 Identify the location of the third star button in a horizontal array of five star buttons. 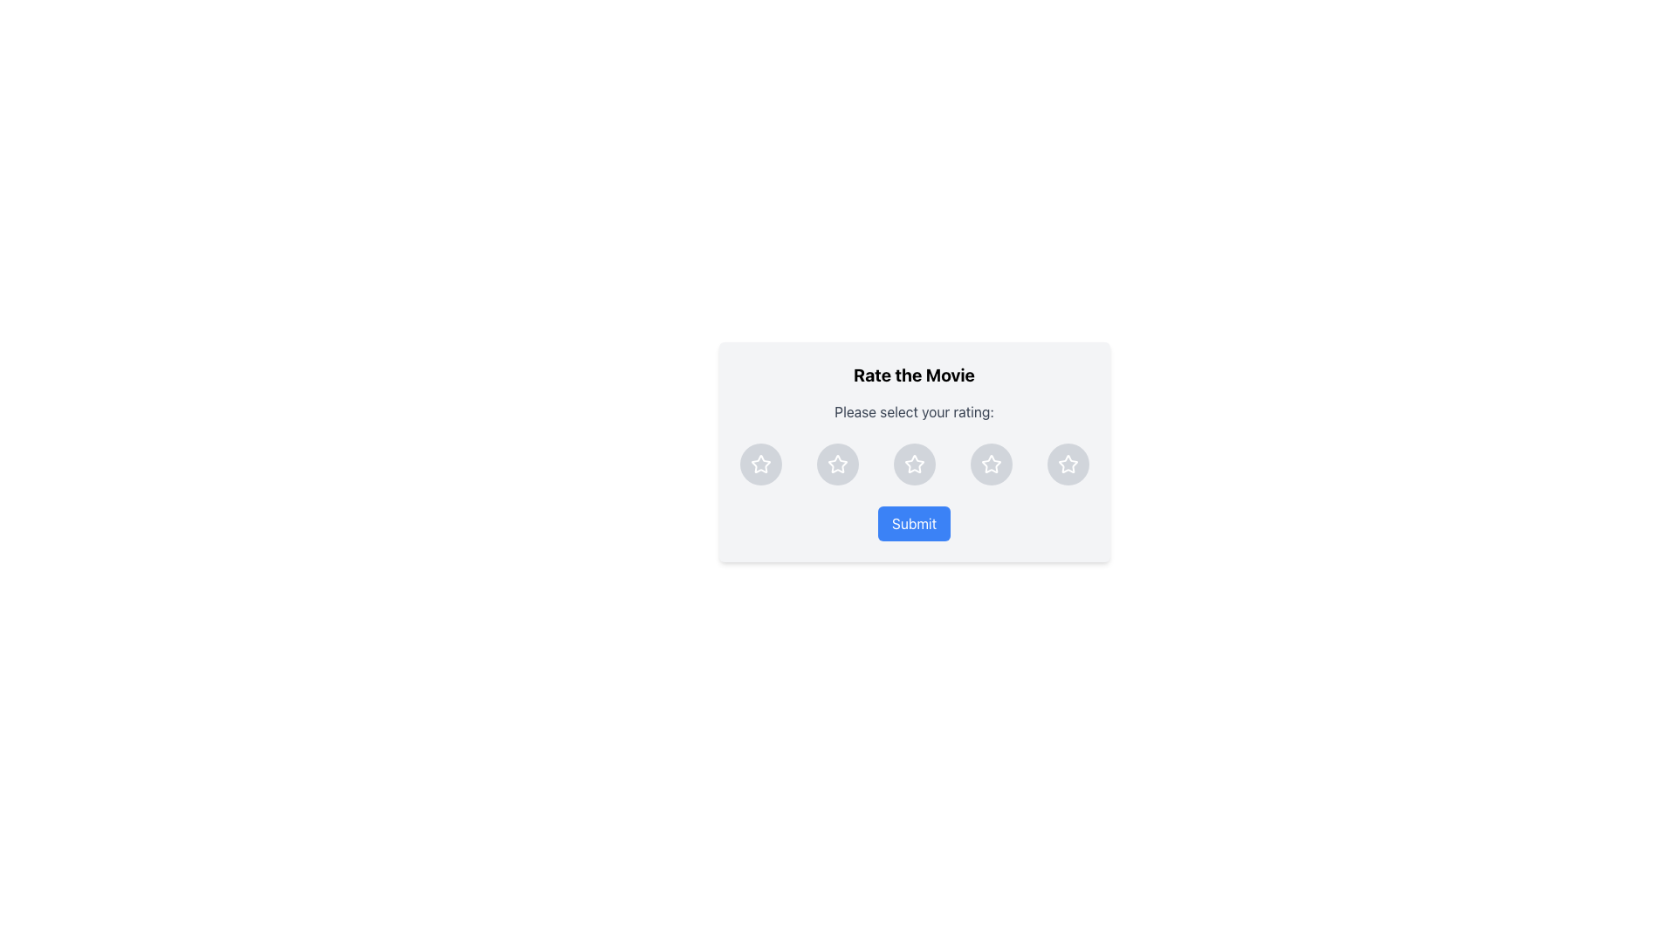
(913, 464).